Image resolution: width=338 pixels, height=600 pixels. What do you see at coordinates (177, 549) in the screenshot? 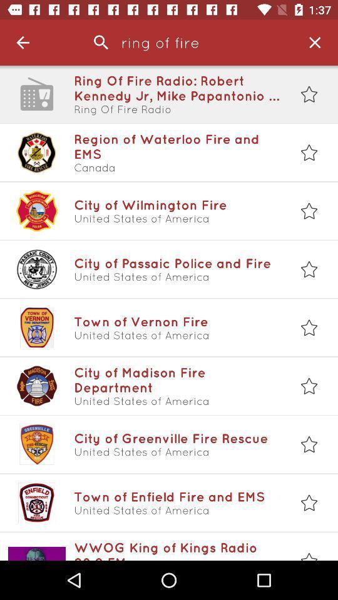
I see `the wwog king of` at bounding box center [177, 549].